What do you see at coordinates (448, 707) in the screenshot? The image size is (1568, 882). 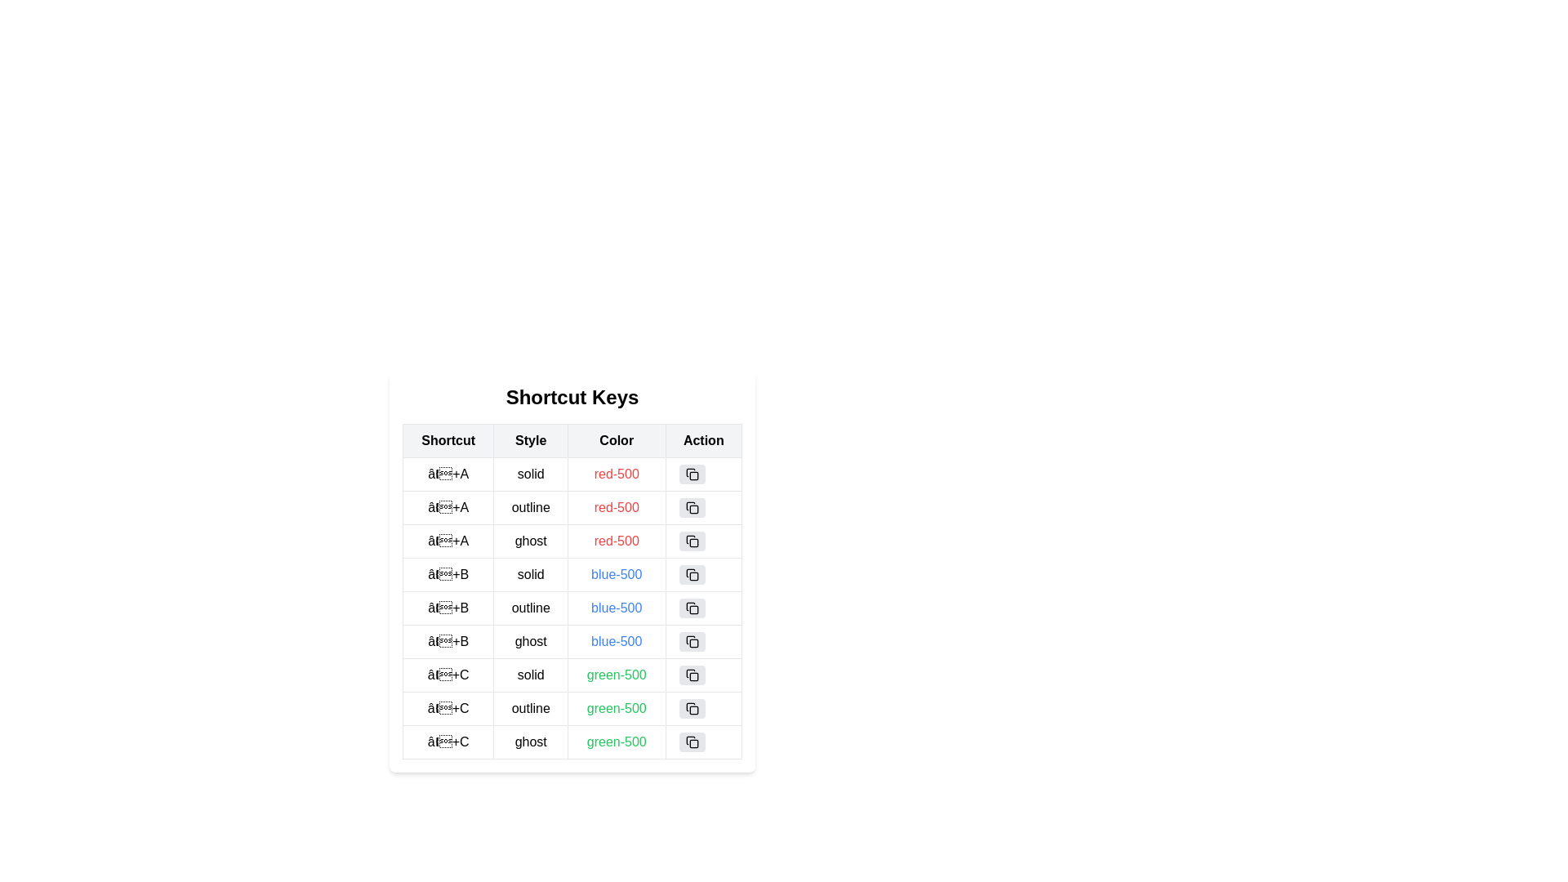 I see `the text indicator button that shows the shortcut '⌘+C' for the 'outline' style in the 'Shortcut Keys' table` at bounding box center [448, 707].